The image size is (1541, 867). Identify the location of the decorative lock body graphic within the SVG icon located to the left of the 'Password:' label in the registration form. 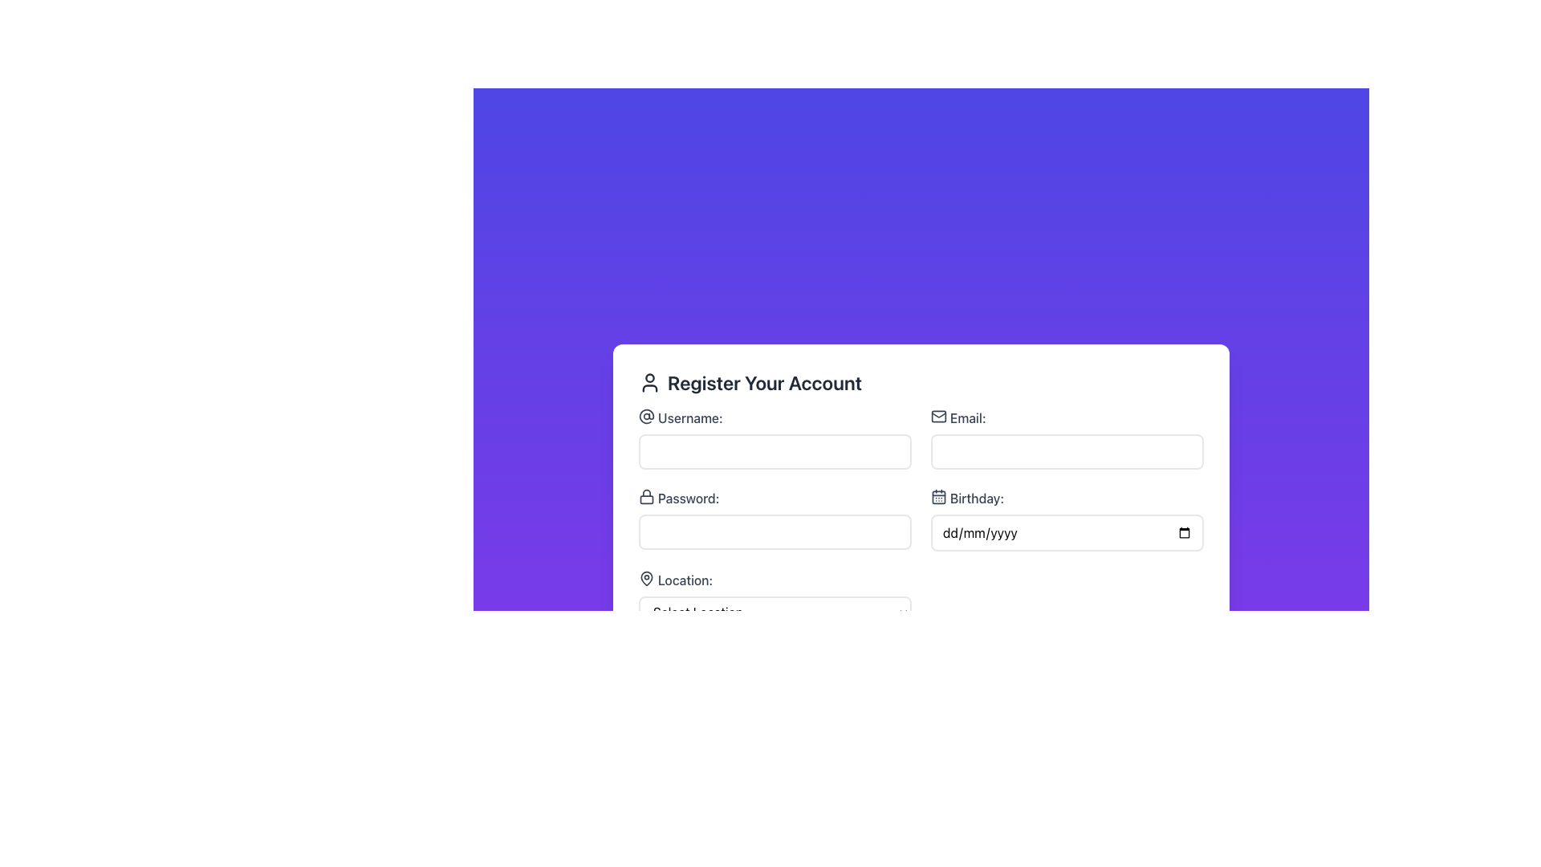
(647, 498).